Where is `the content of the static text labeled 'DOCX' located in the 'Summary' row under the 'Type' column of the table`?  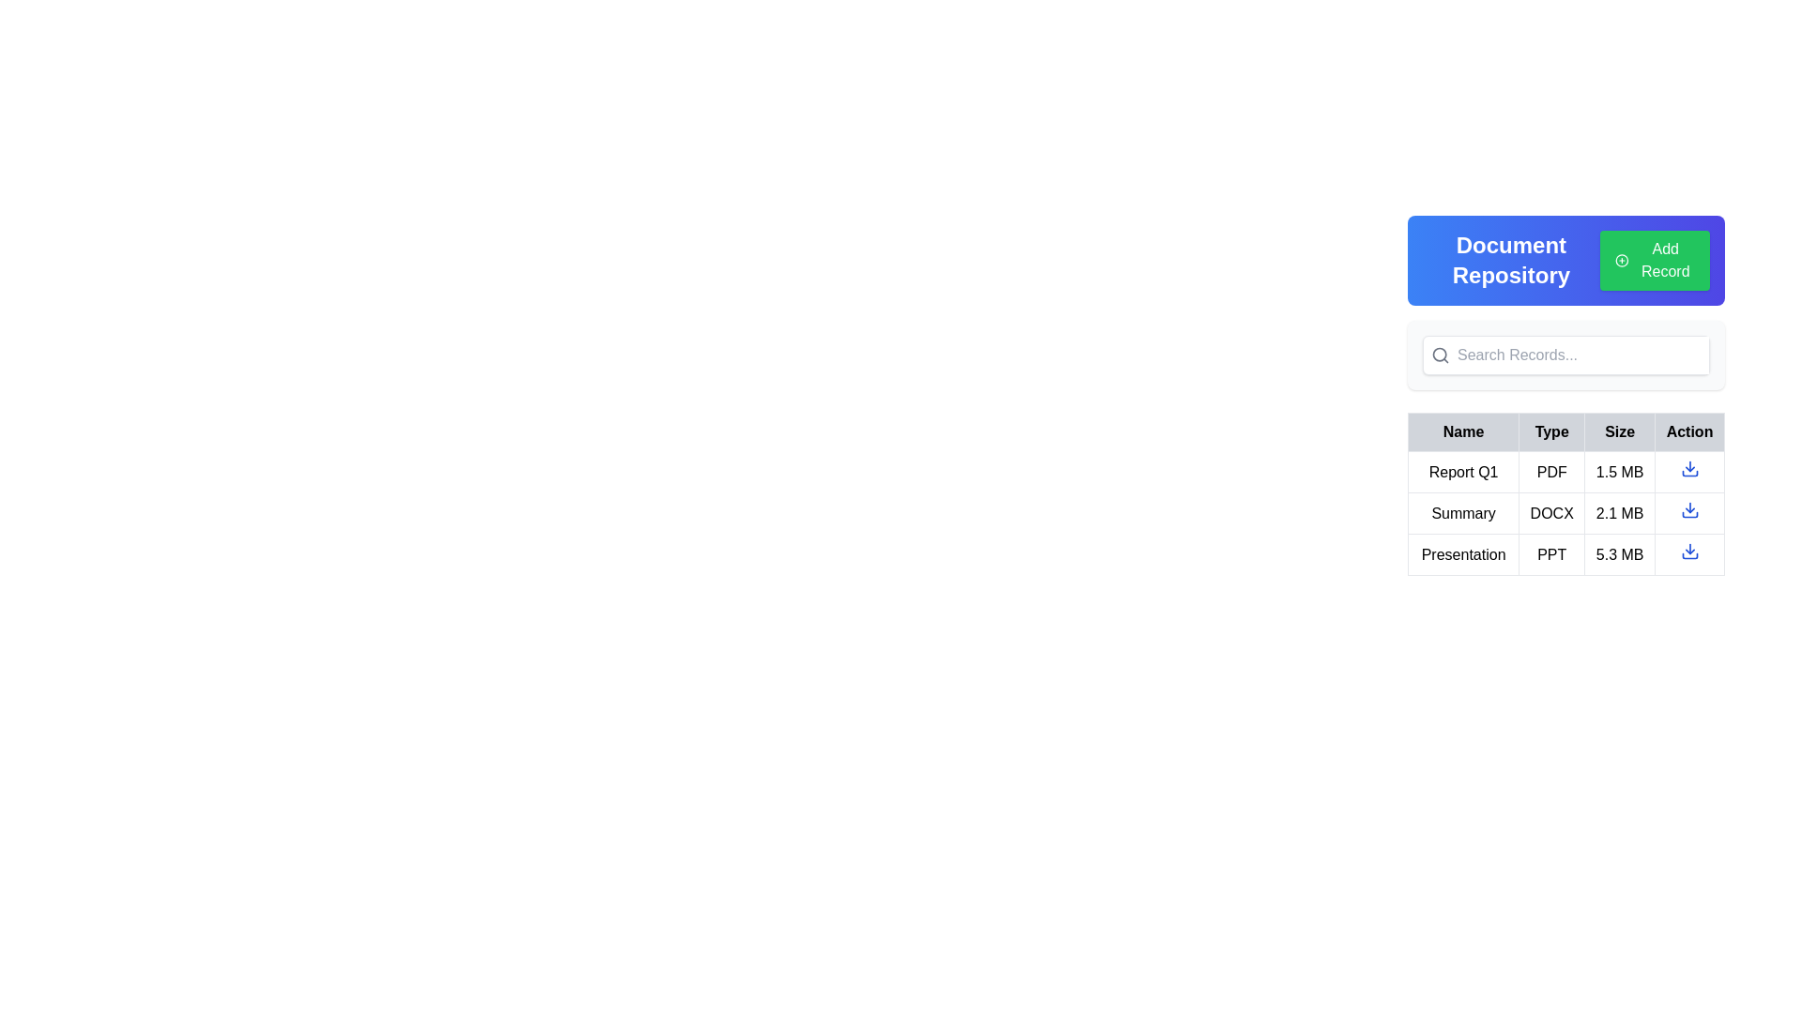 the content of the static text labeled 'DOCX' located in the 'Summary' row under the 'Type' column of the table is located at coordinates (1551, 513).